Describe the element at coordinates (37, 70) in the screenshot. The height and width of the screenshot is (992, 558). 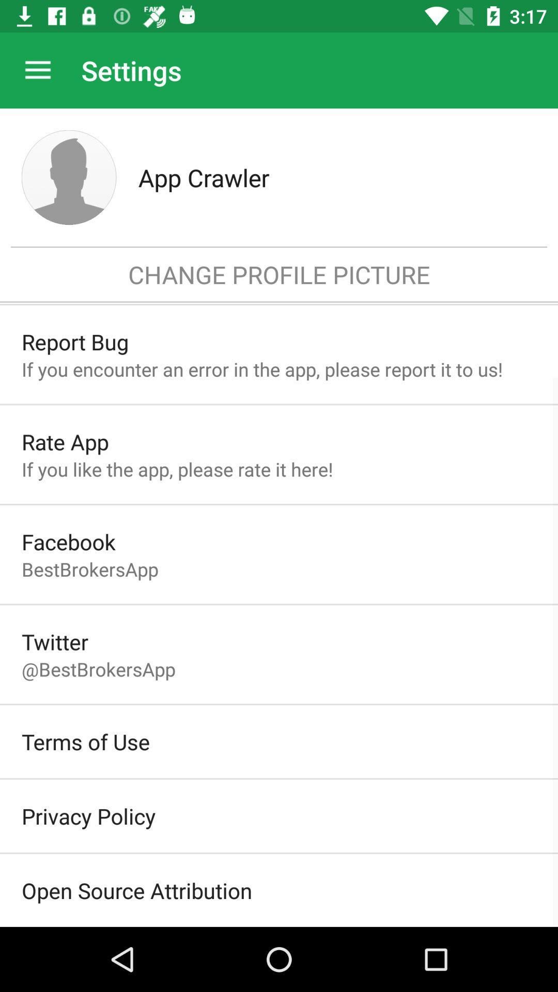
I see `the item next to the settings app` at that location.